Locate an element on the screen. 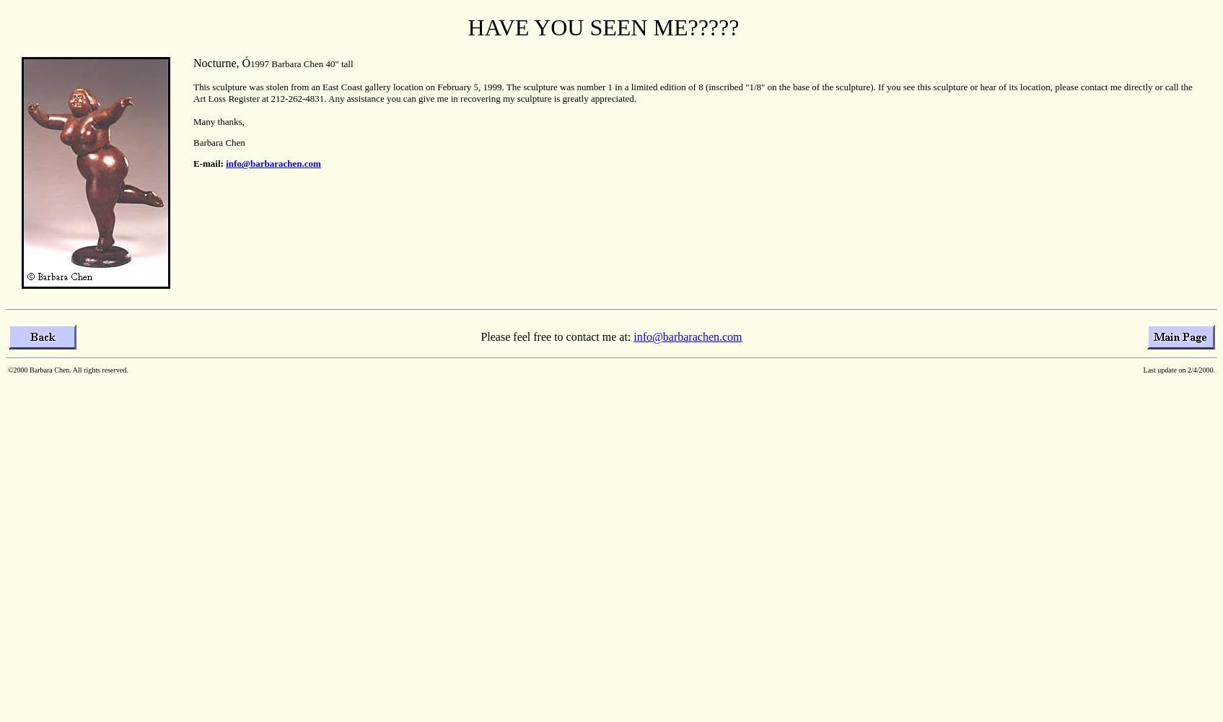 The image size is (1223, 722). 'Barbara Chen' is located at coordinates (219, 142).